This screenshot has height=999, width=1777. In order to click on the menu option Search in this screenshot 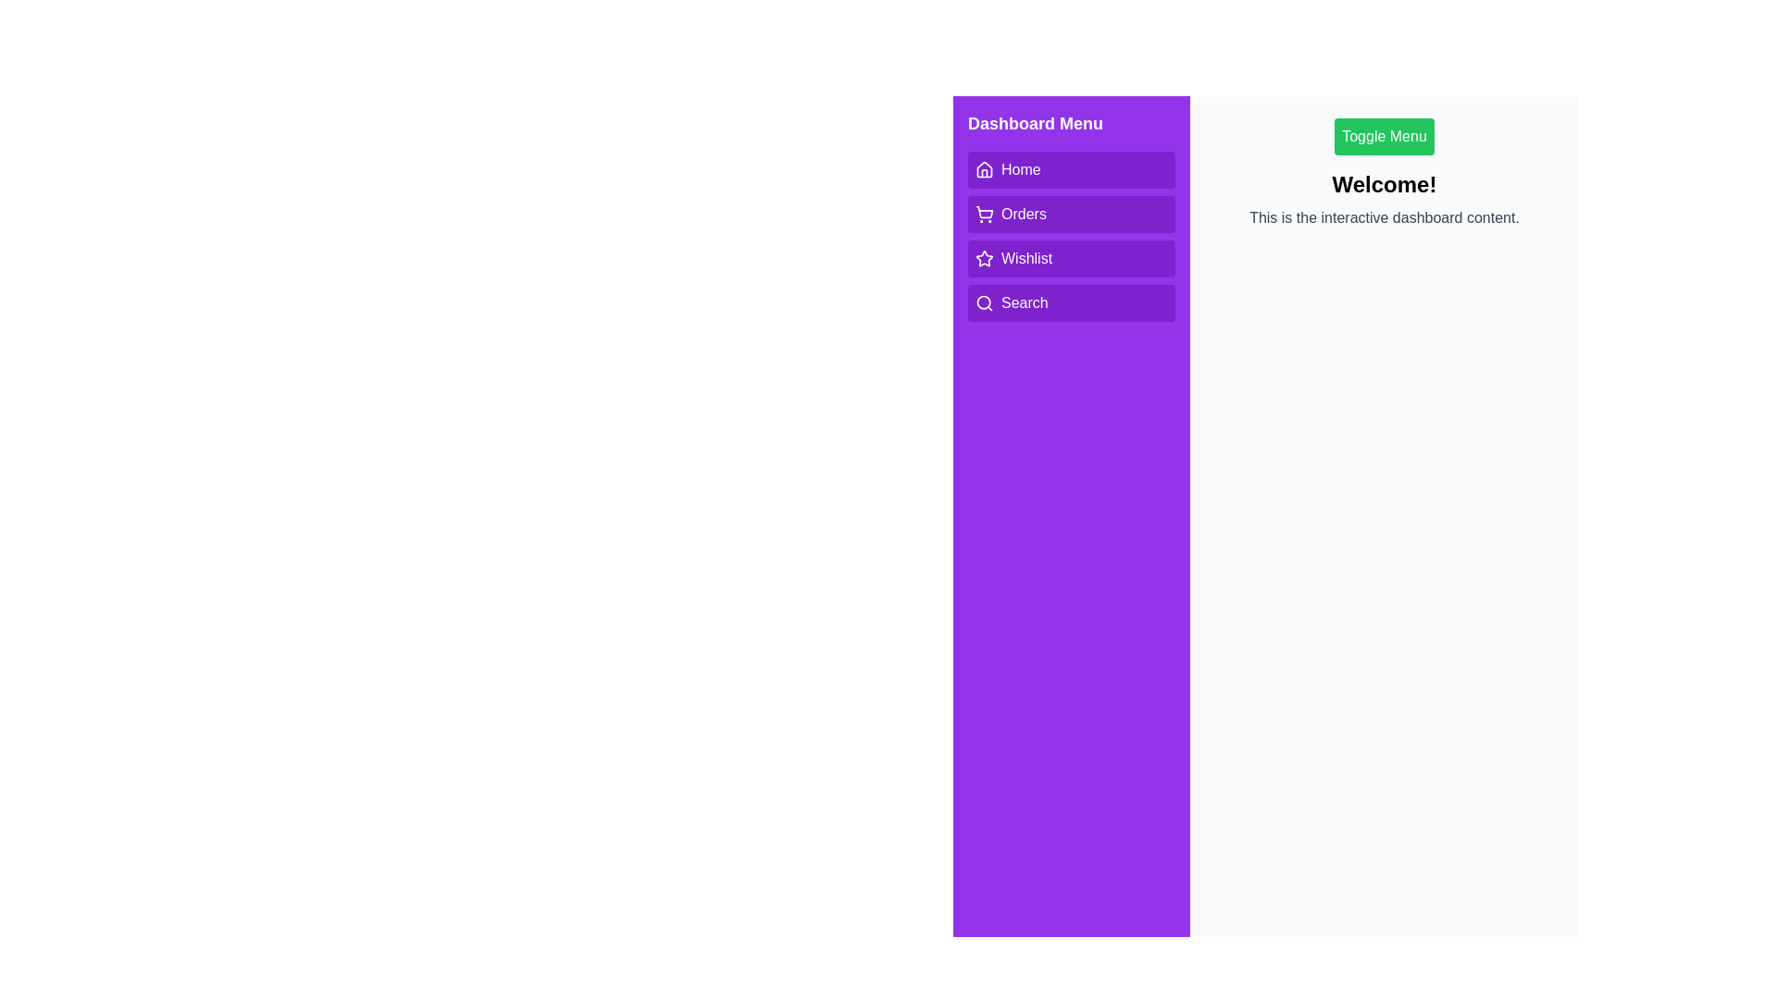, I will do `click(1071, 302)`.